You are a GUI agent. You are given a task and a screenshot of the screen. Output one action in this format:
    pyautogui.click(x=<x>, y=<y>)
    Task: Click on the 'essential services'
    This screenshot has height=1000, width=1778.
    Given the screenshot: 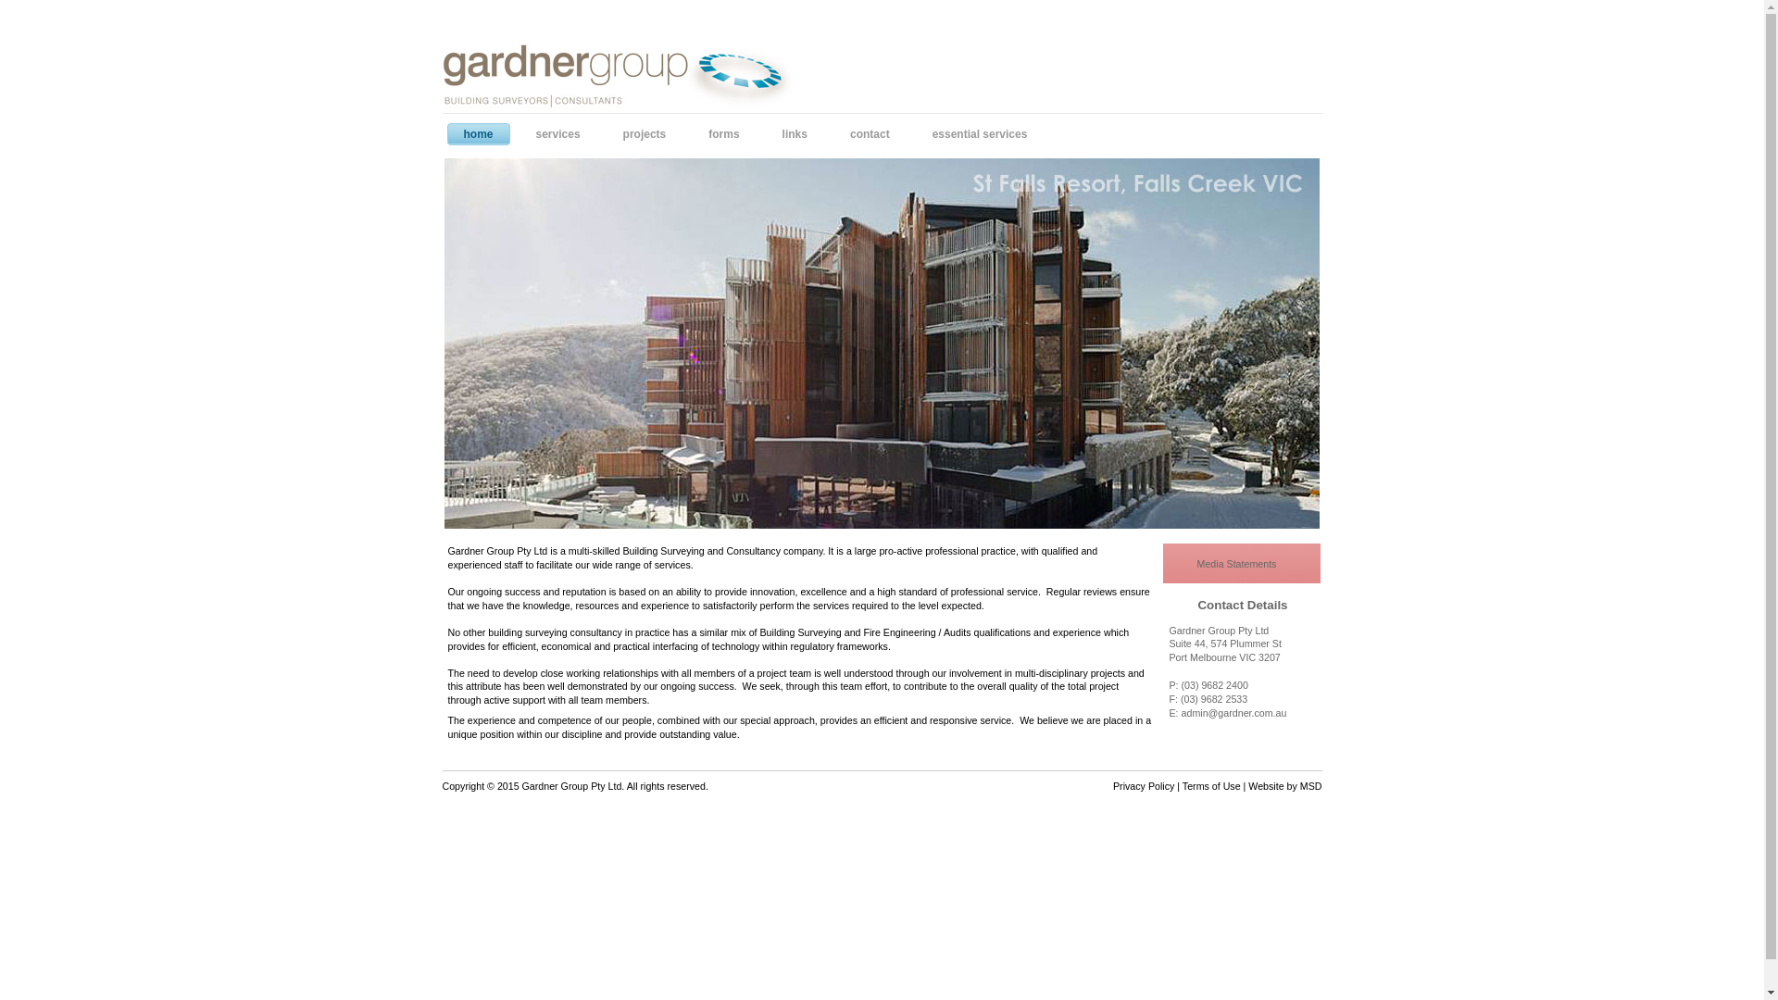 What is the action you would take?
    pyautogui.click(x=983, y=134)
    